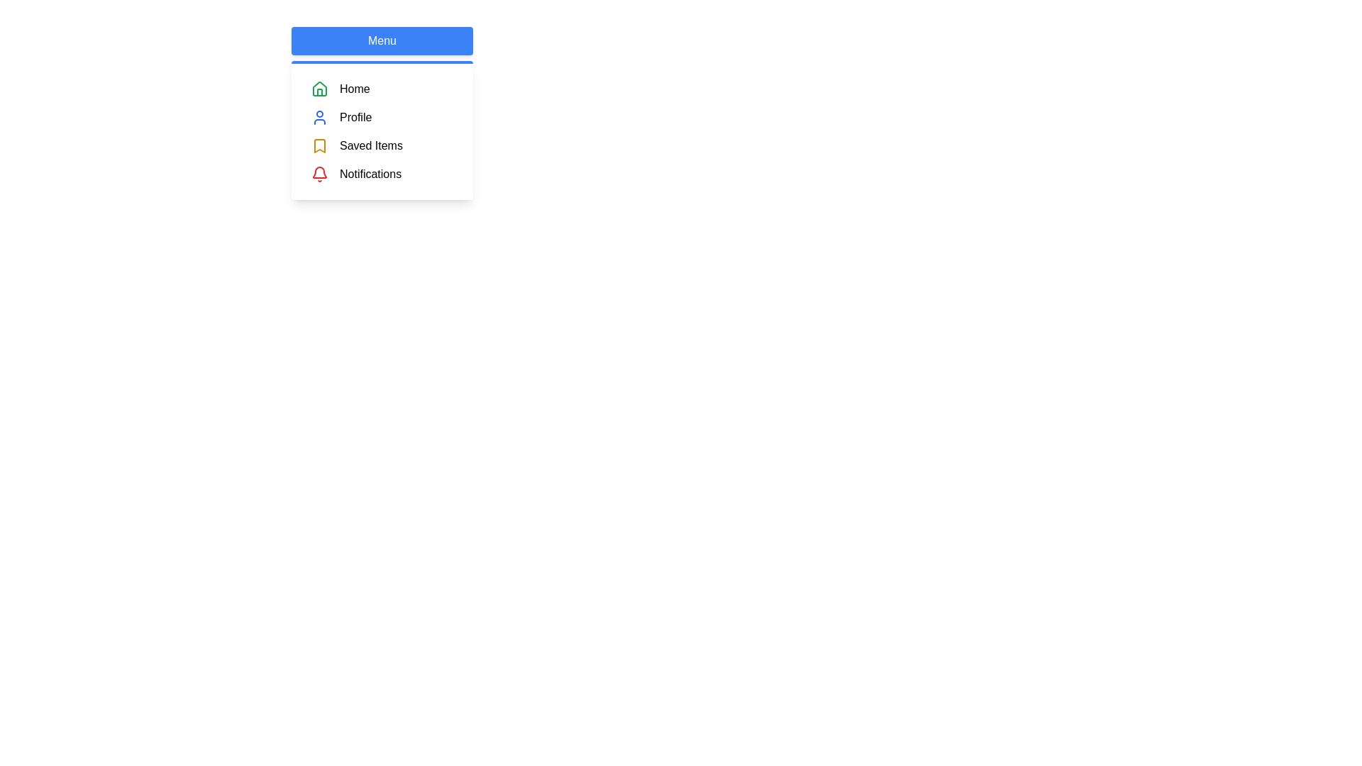 Image resolution: width=1362 pixels, height=766 pixels. I want to click on the menu item corresponding to Saved Items, so click(310, 145).